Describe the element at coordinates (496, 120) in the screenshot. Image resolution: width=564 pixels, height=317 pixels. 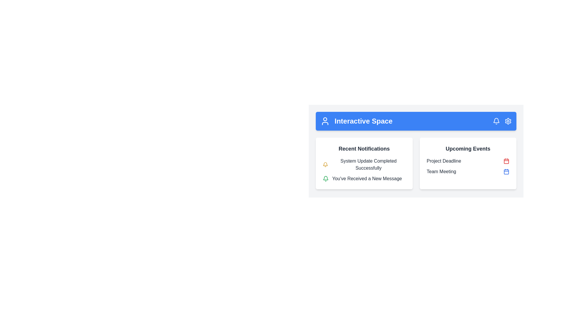
I see `the bell icon for notifications located in the upper-right corner of the blue header section, to the left of the gear icon` at that location.